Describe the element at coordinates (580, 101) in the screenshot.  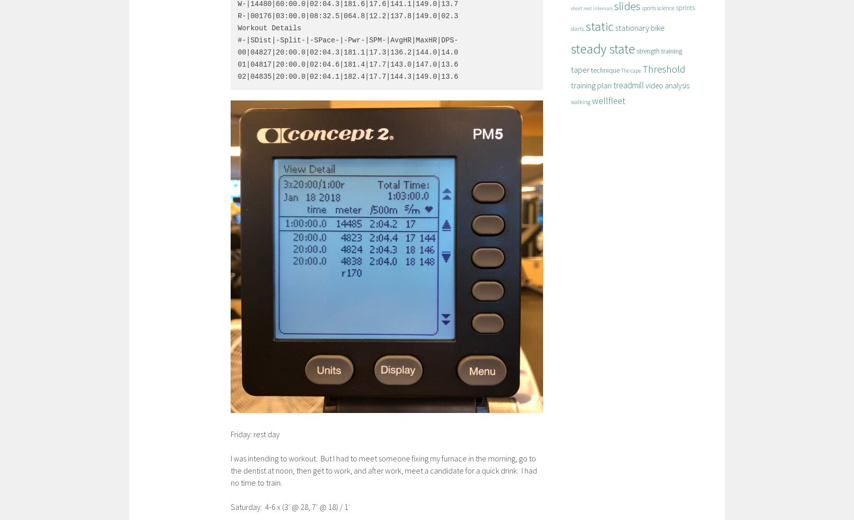
I see `'walking'` at that location.